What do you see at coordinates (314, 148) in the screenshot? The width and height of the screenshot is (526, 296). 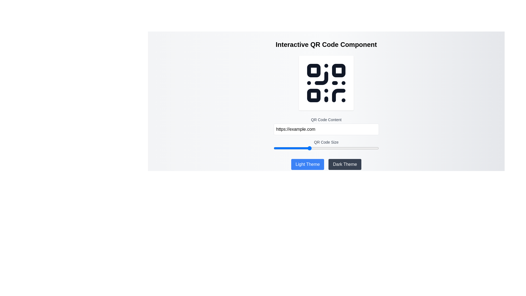 I see `the QR Code size` at bounding box center [314, 148].